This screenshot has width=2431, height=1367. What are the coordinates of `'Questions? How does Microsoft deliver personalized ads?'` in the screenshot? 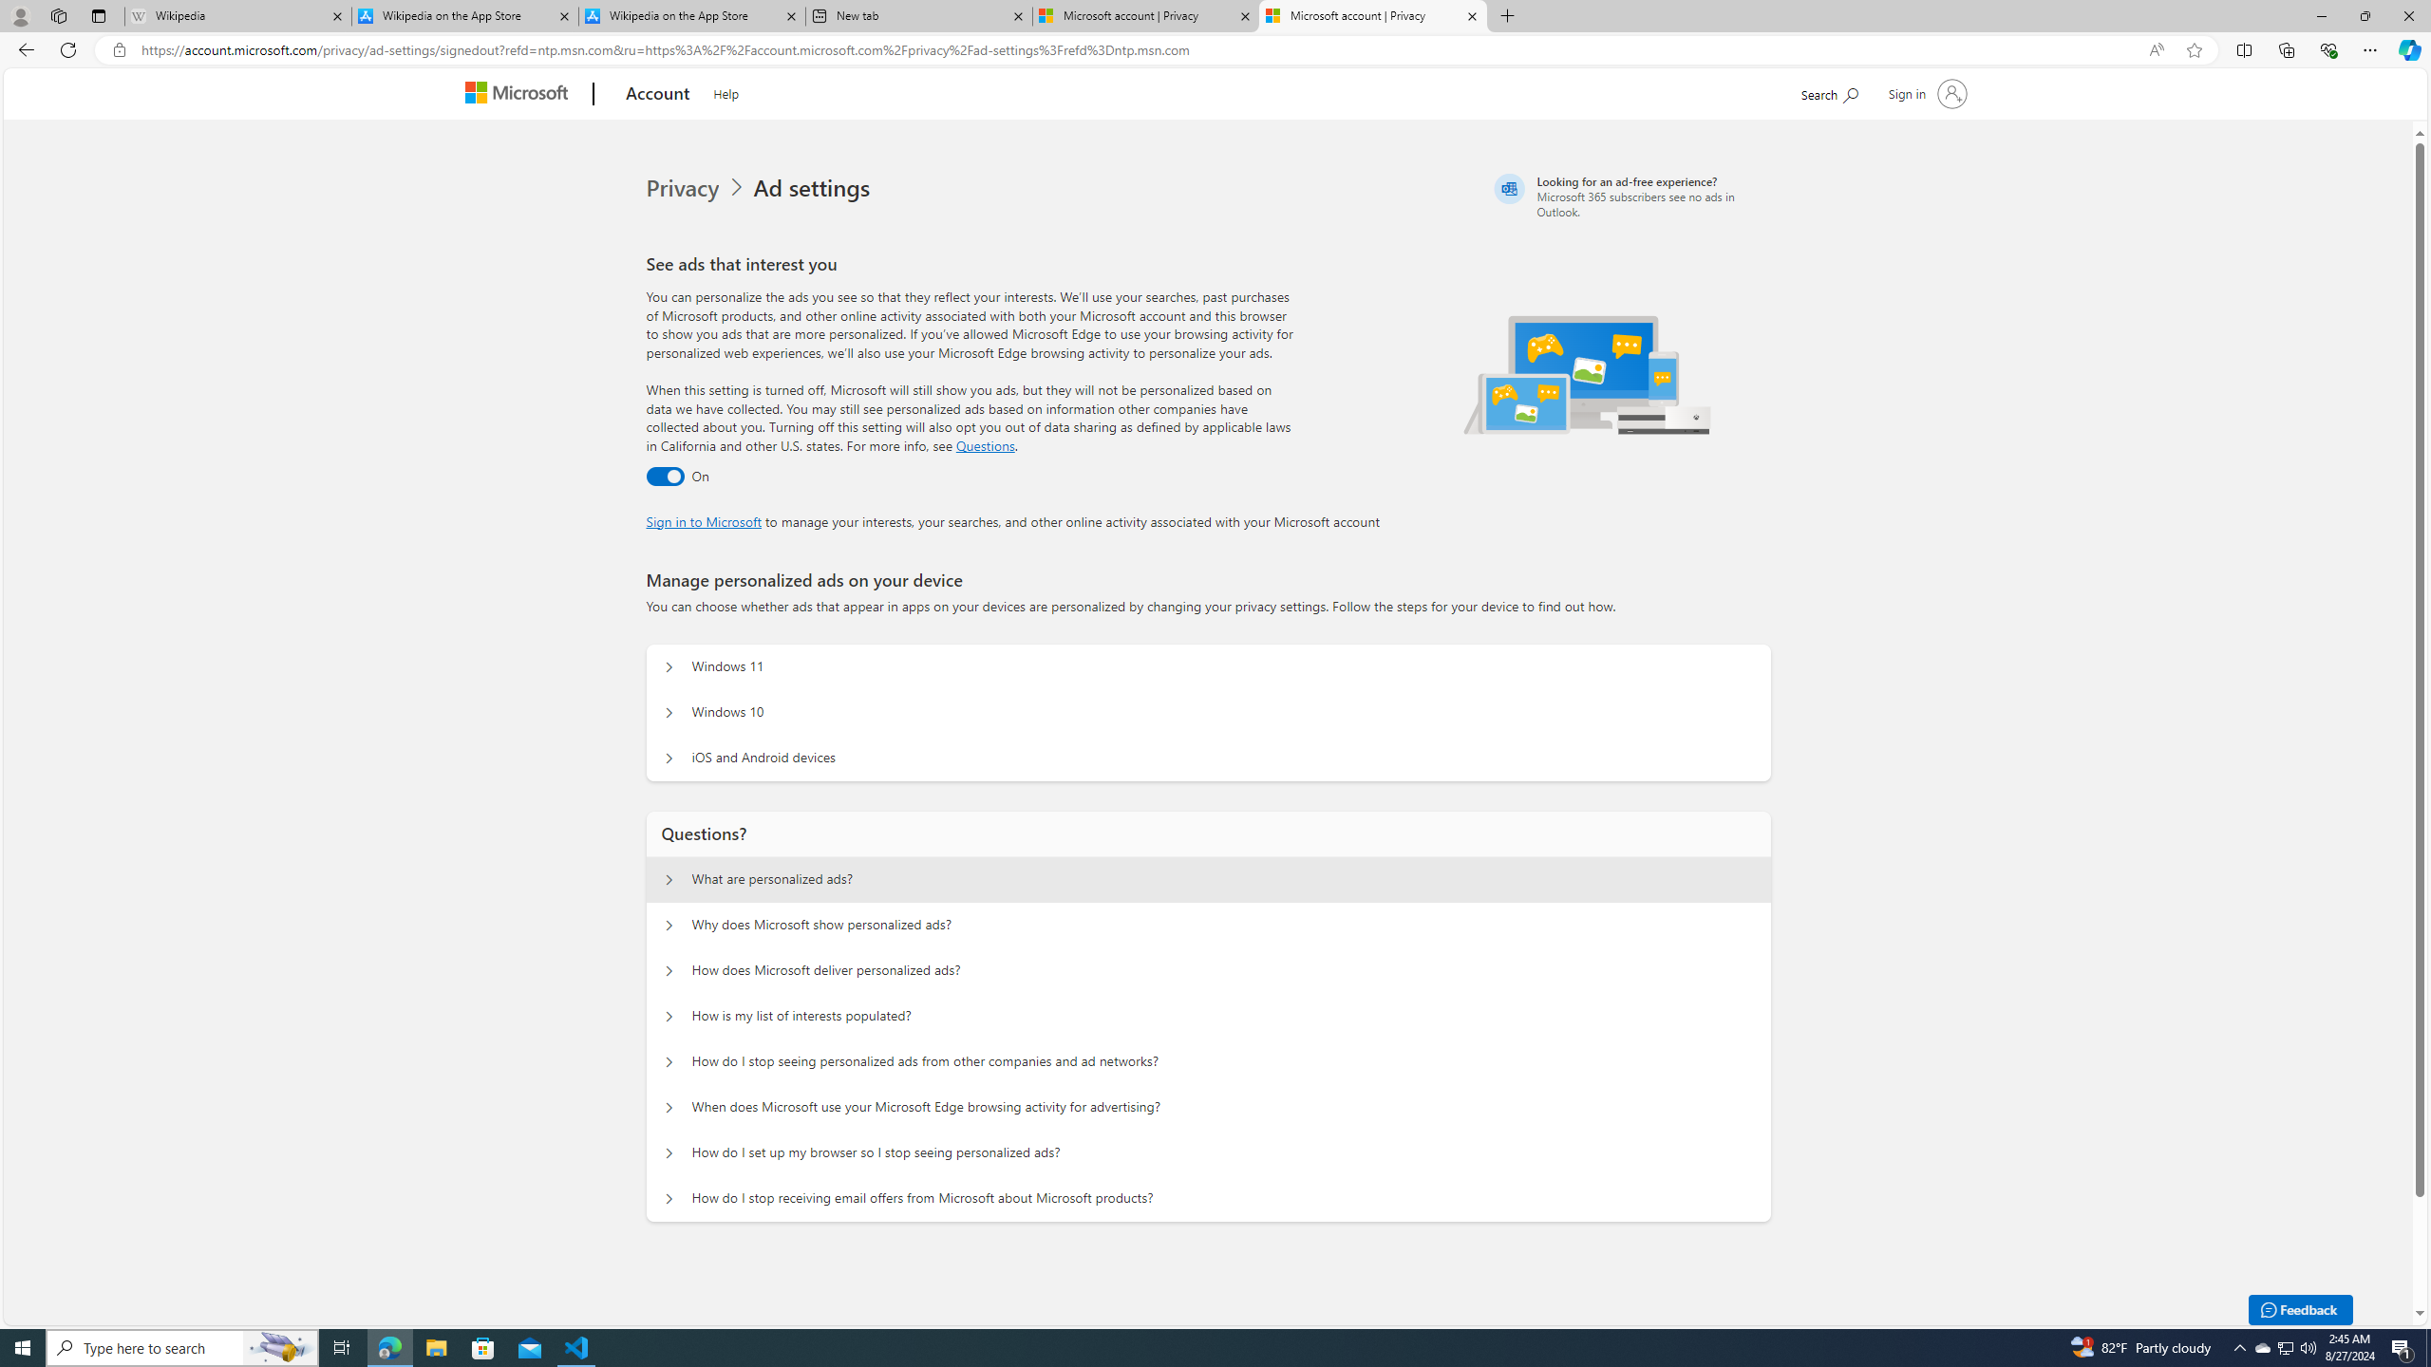 It's located at (669, 970).